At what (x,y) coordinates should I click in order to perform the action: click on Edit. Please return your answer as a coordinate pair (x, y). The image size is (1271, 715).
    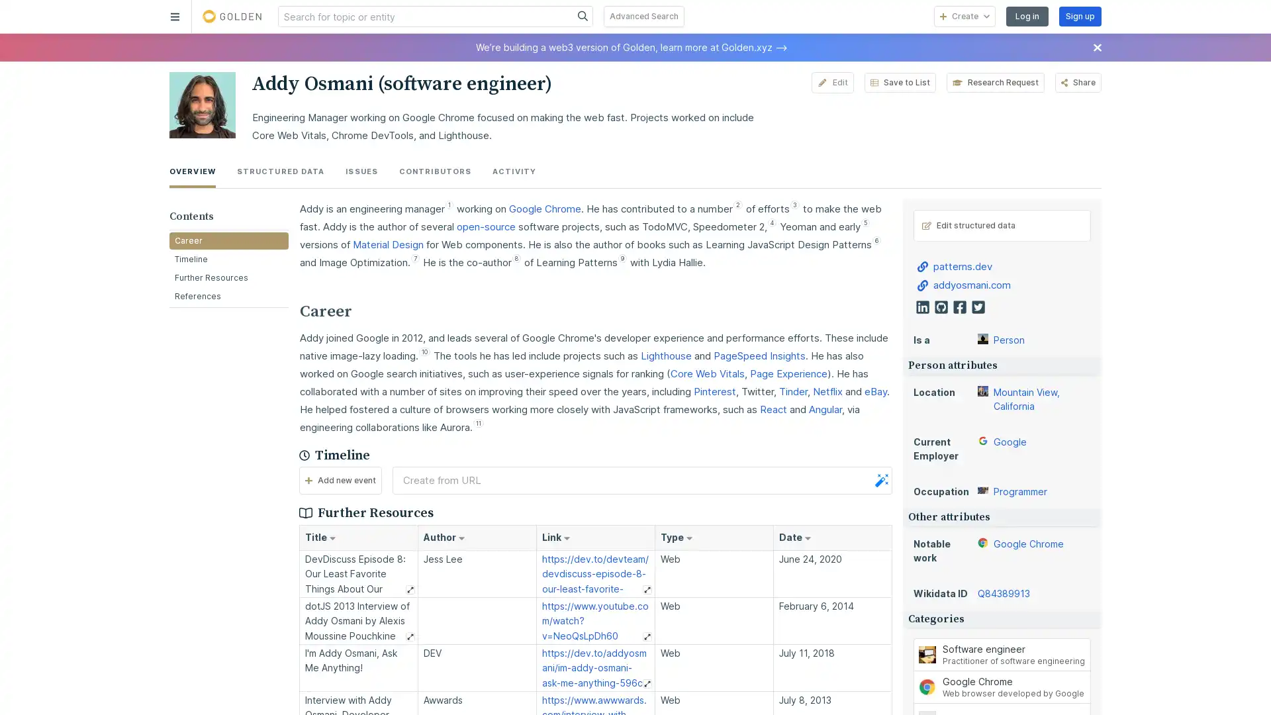
    Looking at the image, I should click on (831, 82).